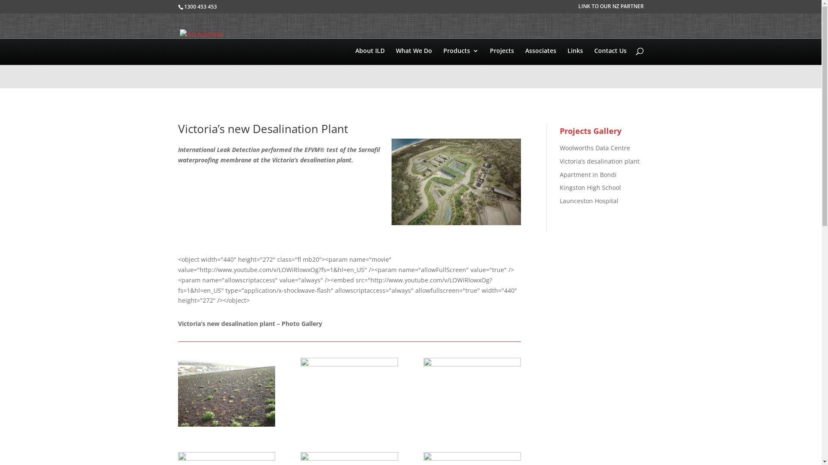 This screenshot has height=465, width=828. What do you see at coordinates (414, 68) in the screenshot?
I see `'What We Do'` at bounding box center [414, 68].